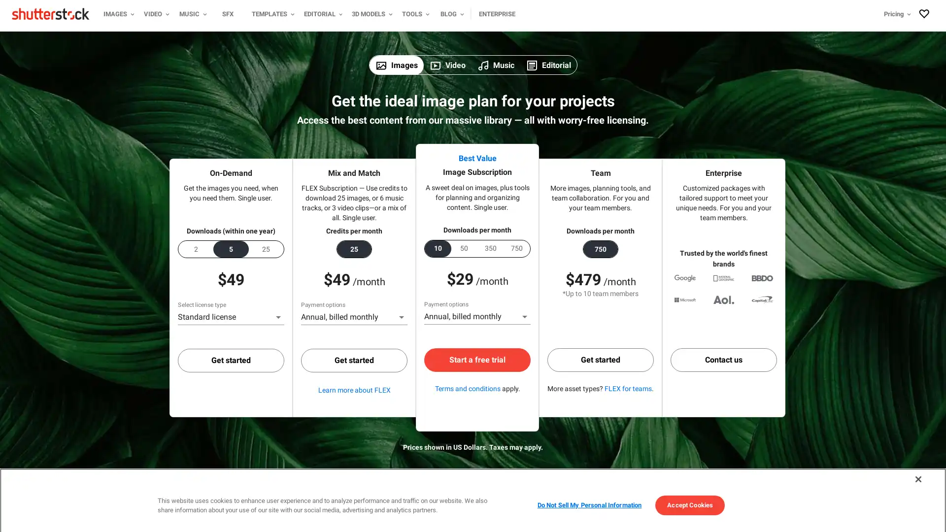 This screenshot has height=532, width=946. Describe the element at coordinates (689, 495) in the screenshot. I see `Accept Cookies` at that location.